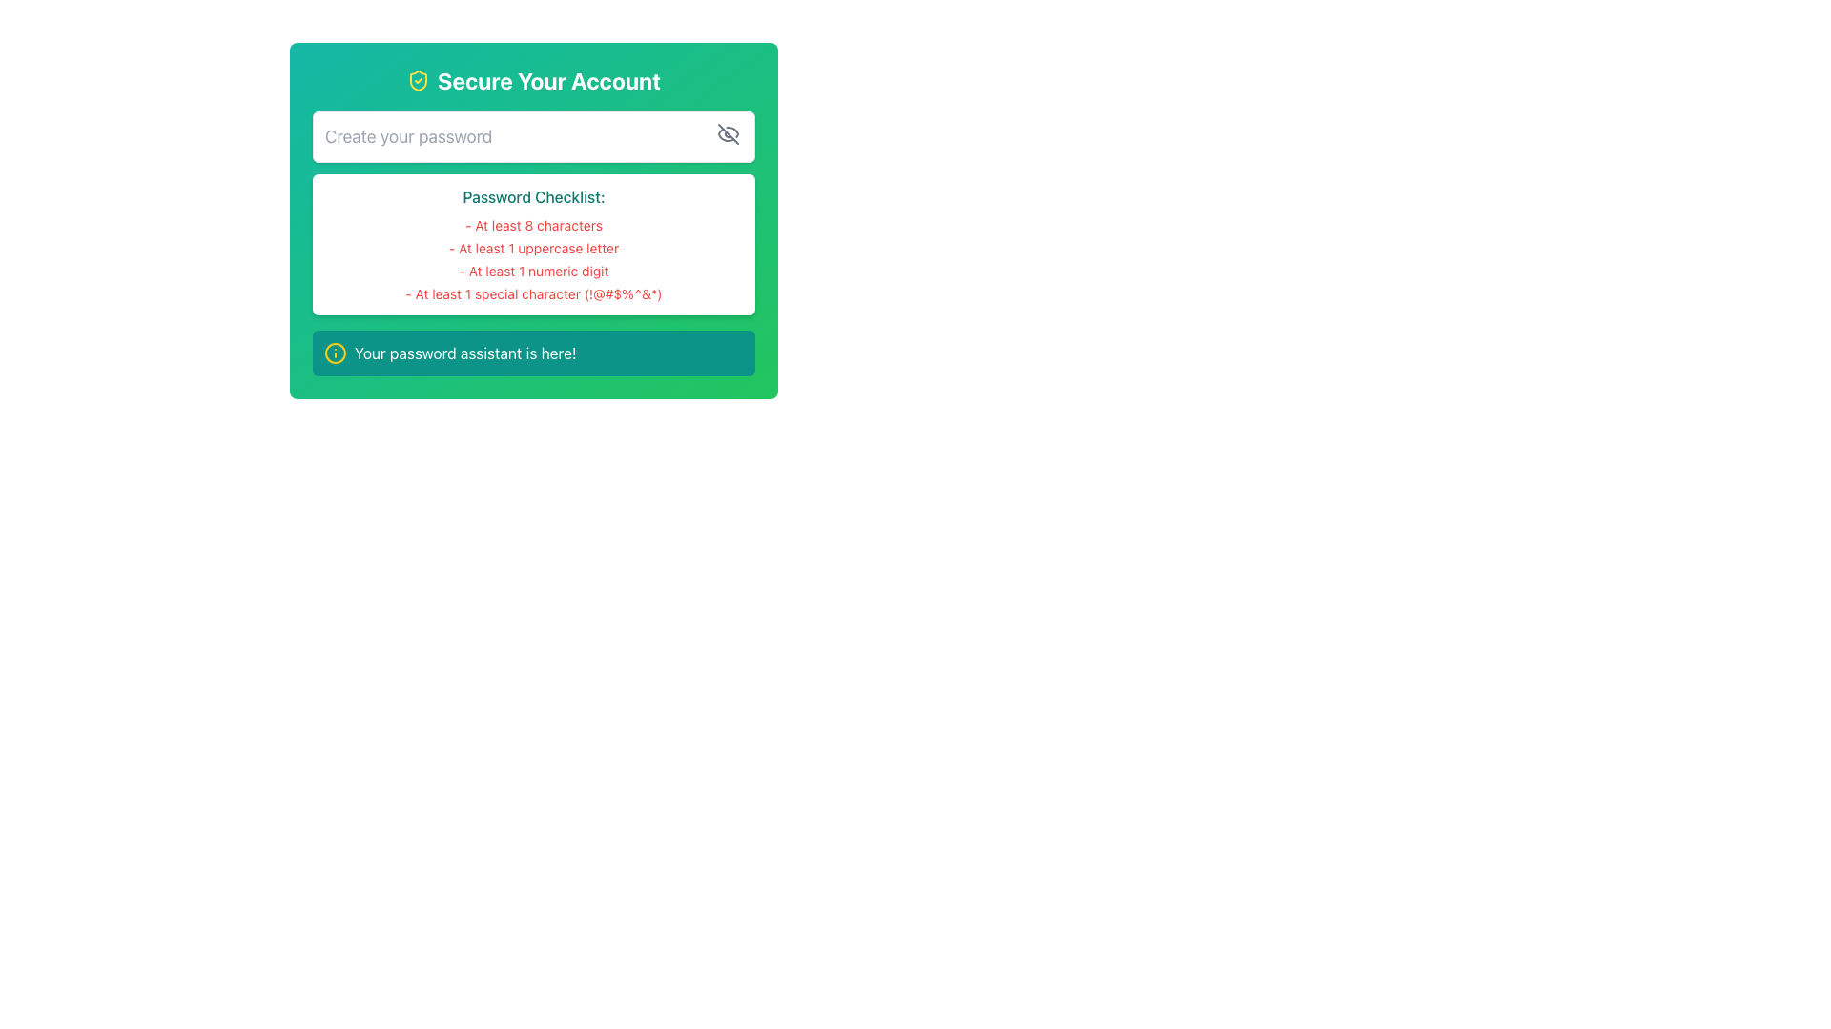 The width and height of the screenshot is (1831, 1029). What do you see at coordinates (534, 272) in the screenshot?
I see `the text element that indicates the requirement for including at least one numeric digit in passwords, located in the Password Checklist below the uppercase letter requirement` at bounding box center [534, 272].